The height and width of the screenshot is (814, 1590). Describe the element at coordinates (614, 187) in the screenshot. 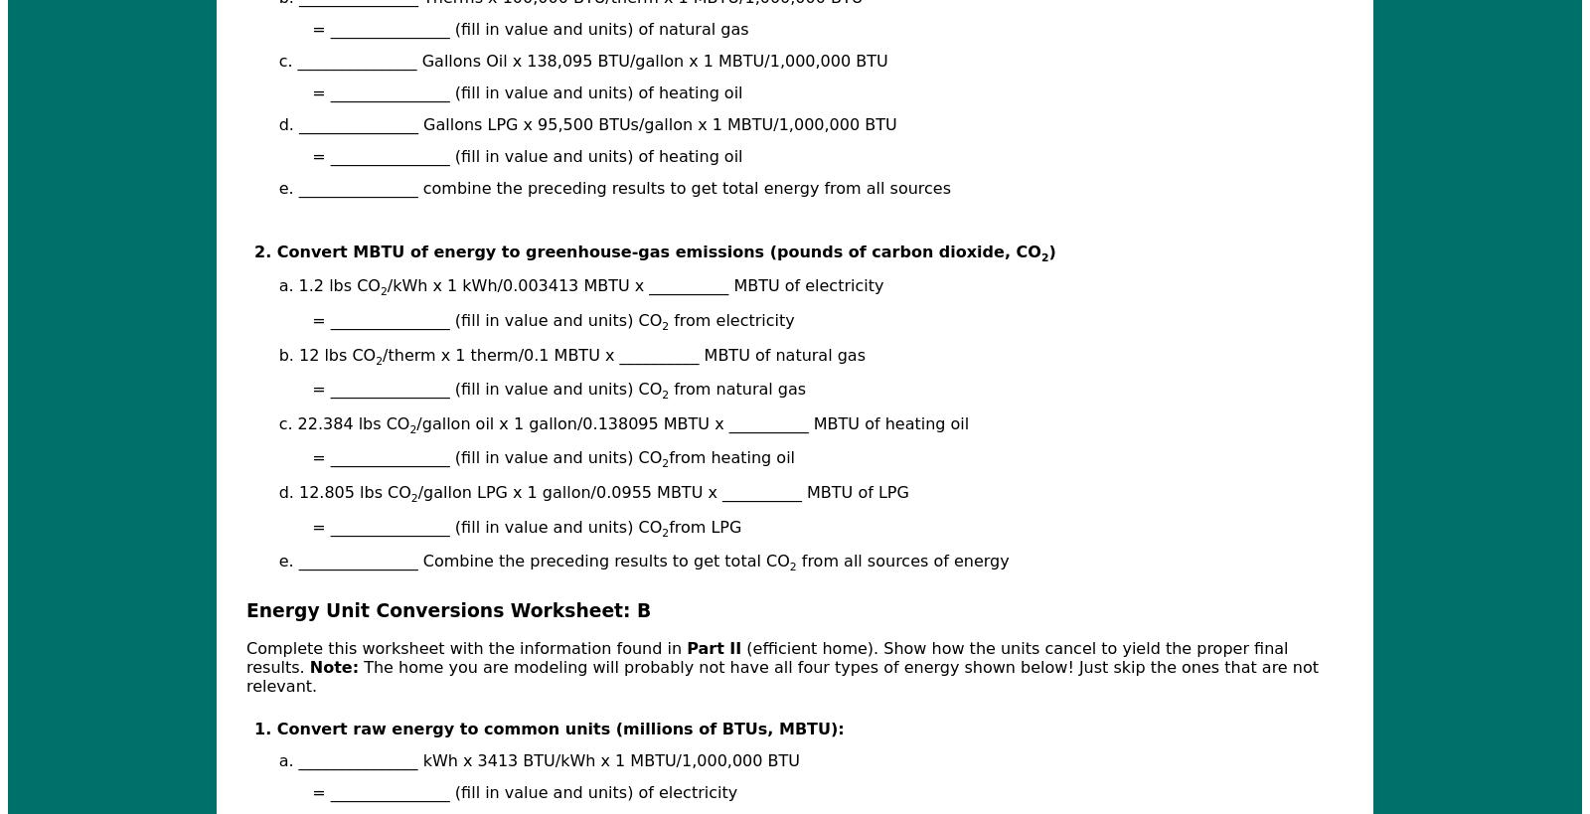

I see `'e. _______________ combine the preceding results to get total energy from all sources'` at that location.